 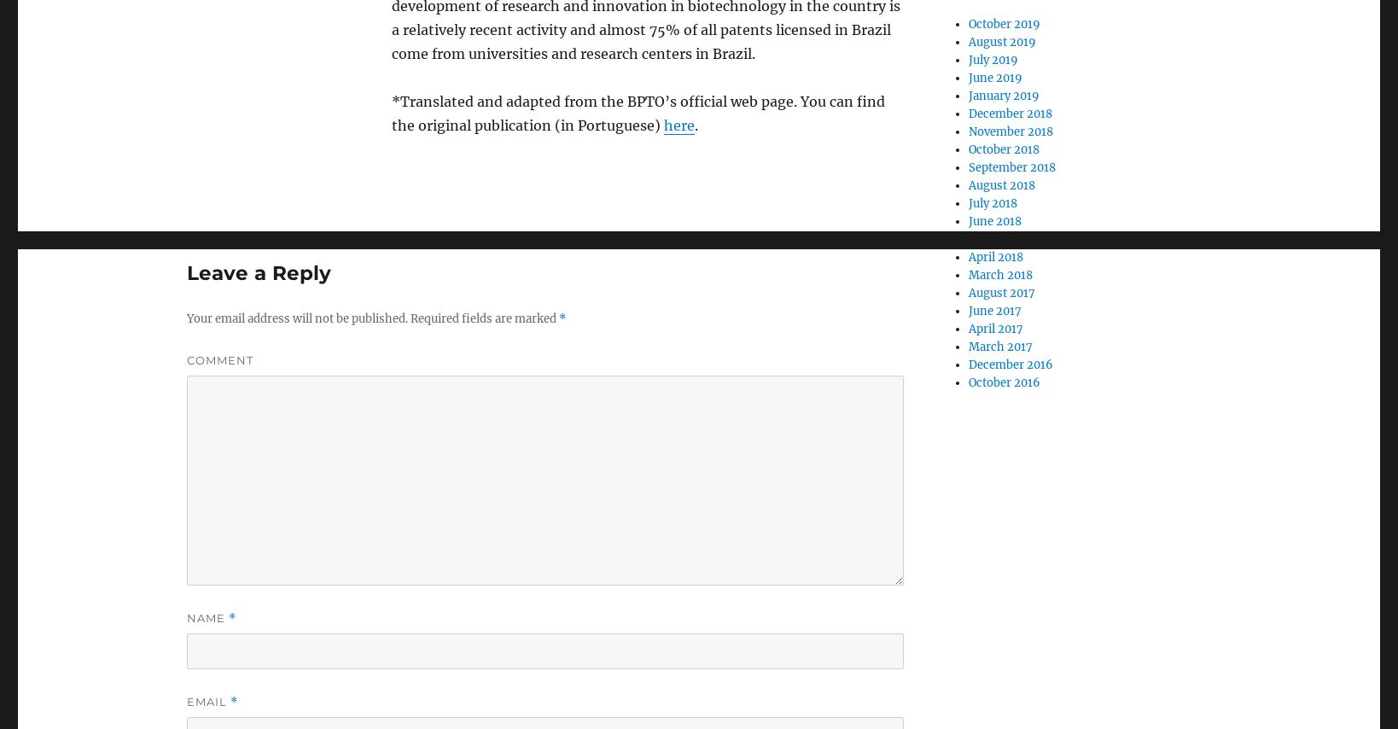 What do you see at coordinates (1003, 149) in the screenshot?
I see `'October 2018'` at bounding box center [1003, 149].